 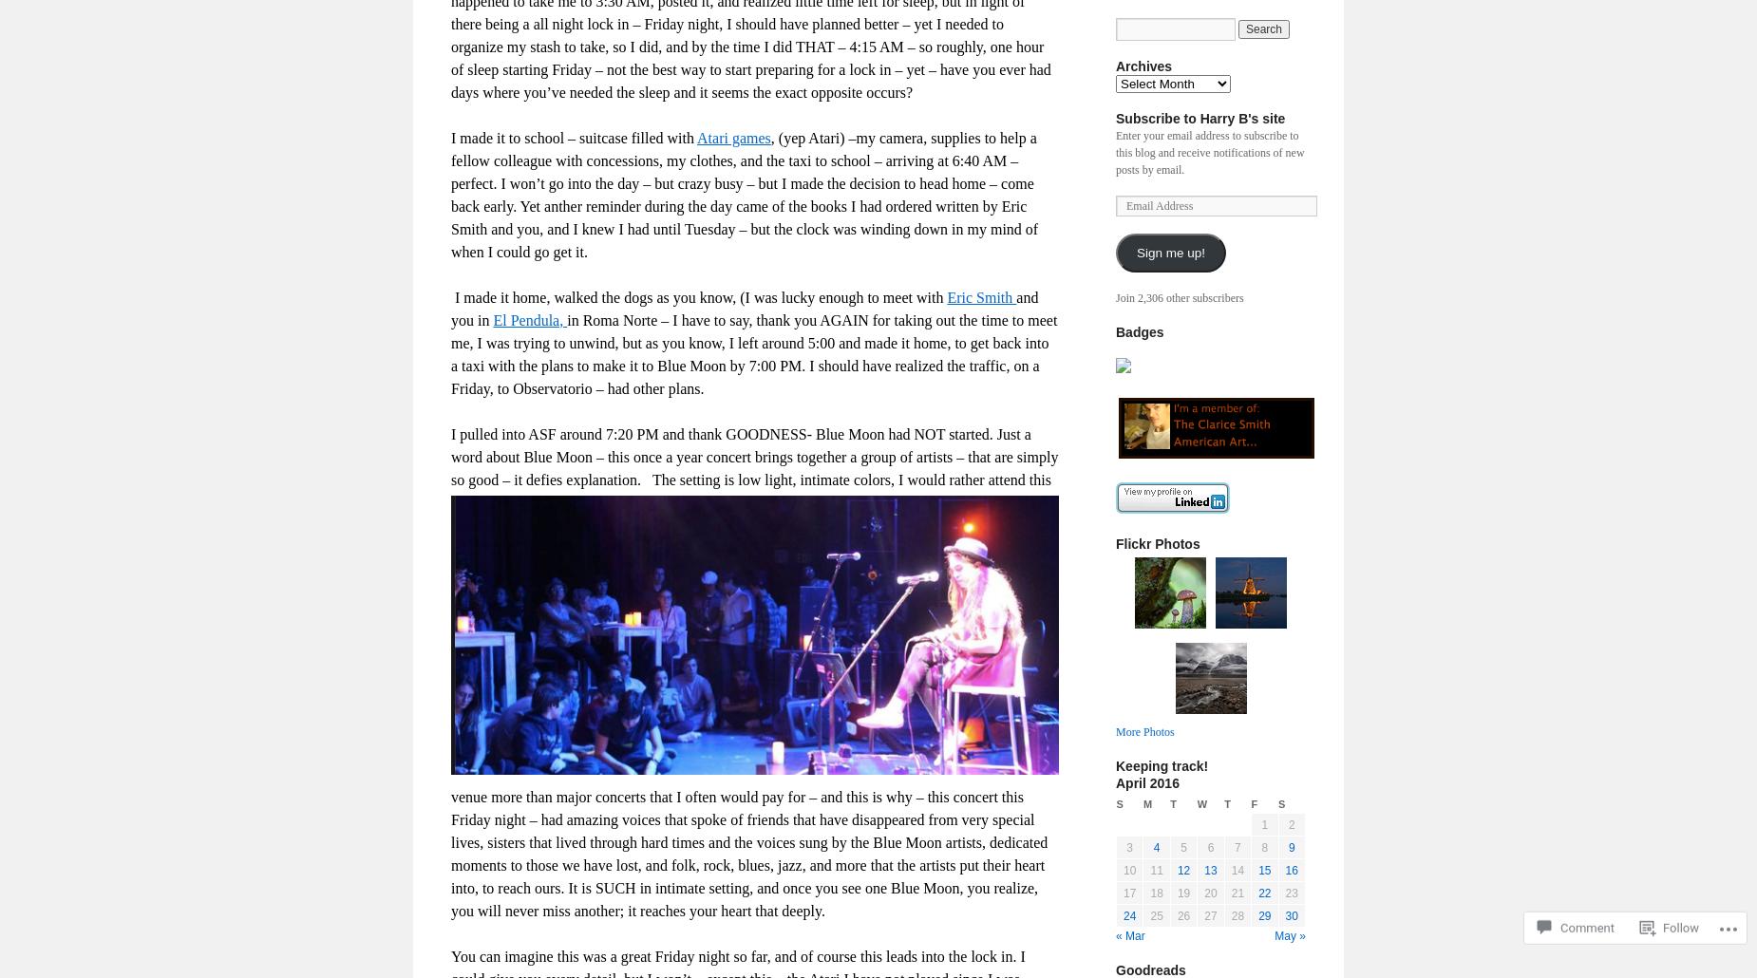 I want to click on '« Mar', so click(x=1114, y=935).